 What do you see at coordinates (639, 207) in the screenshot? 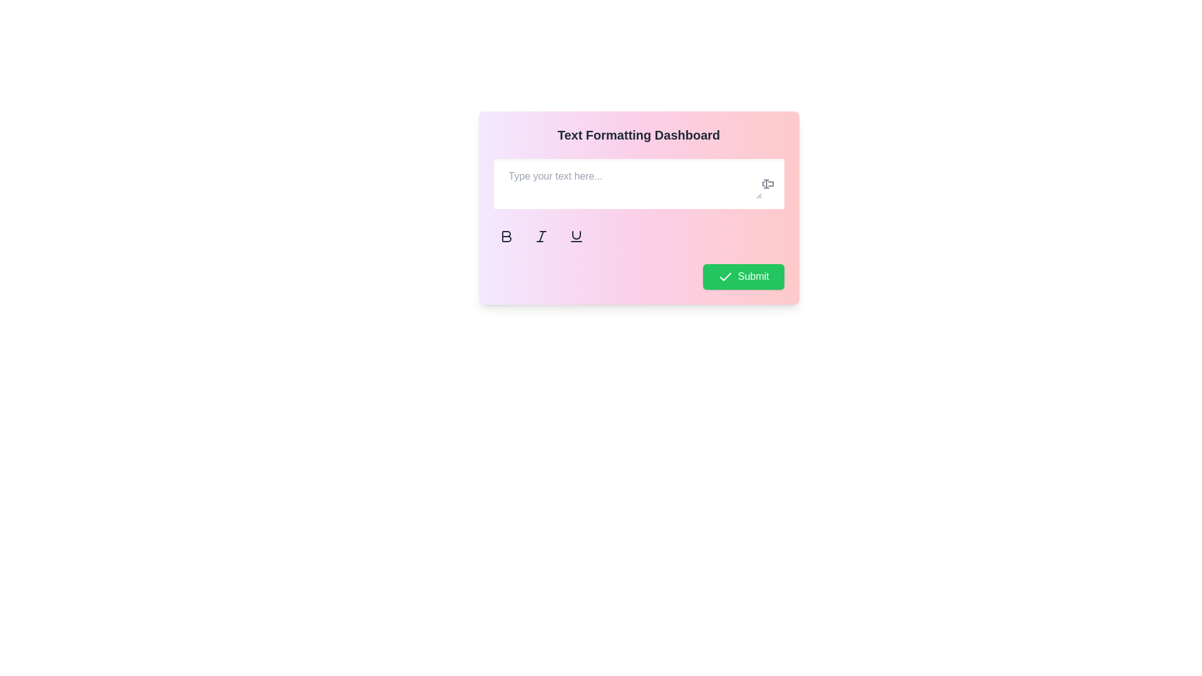
I see `the text input area of the text editor interface to focus and type text` at bounding box center [639, 207].